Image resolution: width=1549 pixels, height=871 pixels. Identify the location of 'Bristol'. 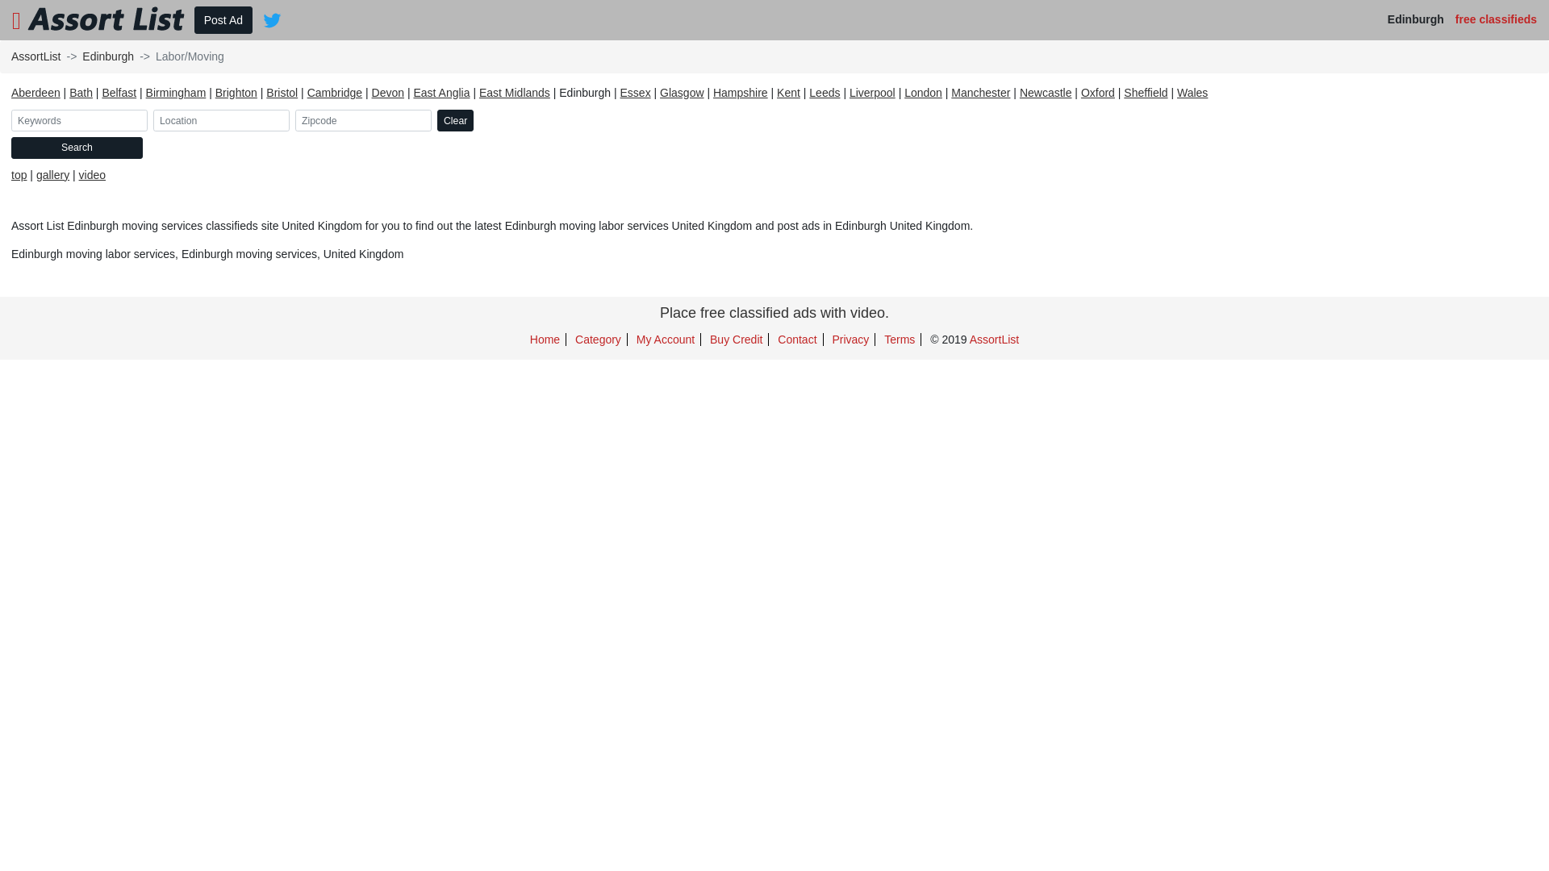
(282, 93).